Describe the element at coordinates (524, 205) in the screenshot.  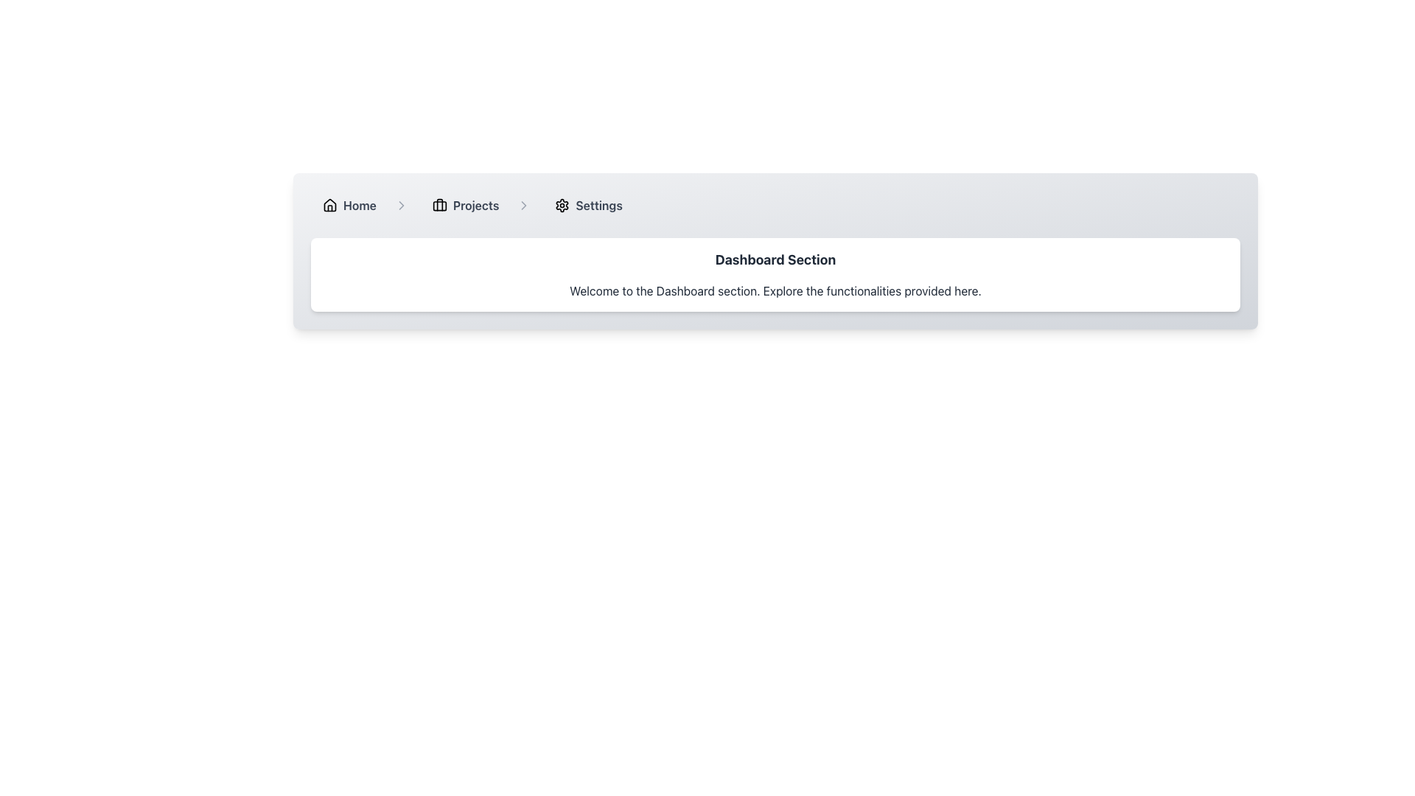
I see `the Chevron/Arrow Icon located in the navigation bar, positioned between the 'Projects' label and the 'Settings' icon` at that location.